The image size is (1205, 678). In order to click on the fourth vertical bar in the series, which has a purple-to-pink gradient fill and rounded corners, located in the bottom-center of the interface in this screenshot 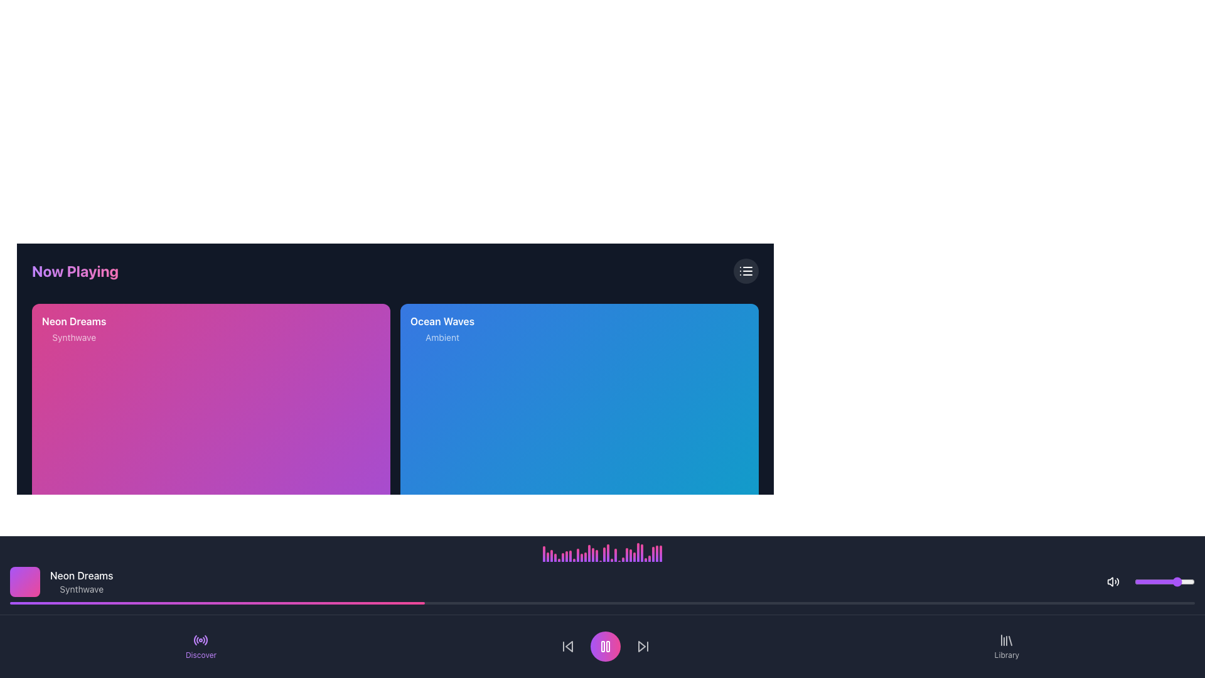, I will do `click(554, 554)`.